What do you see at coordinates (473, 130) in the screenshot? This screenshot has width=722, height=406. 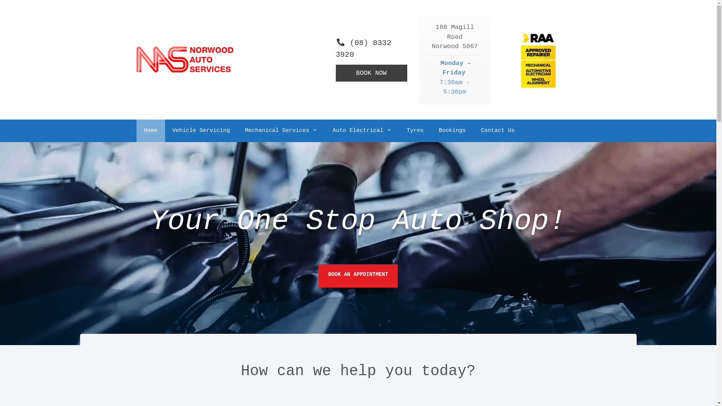 I see `'Contact Us'` at bounding box center [473, 130].